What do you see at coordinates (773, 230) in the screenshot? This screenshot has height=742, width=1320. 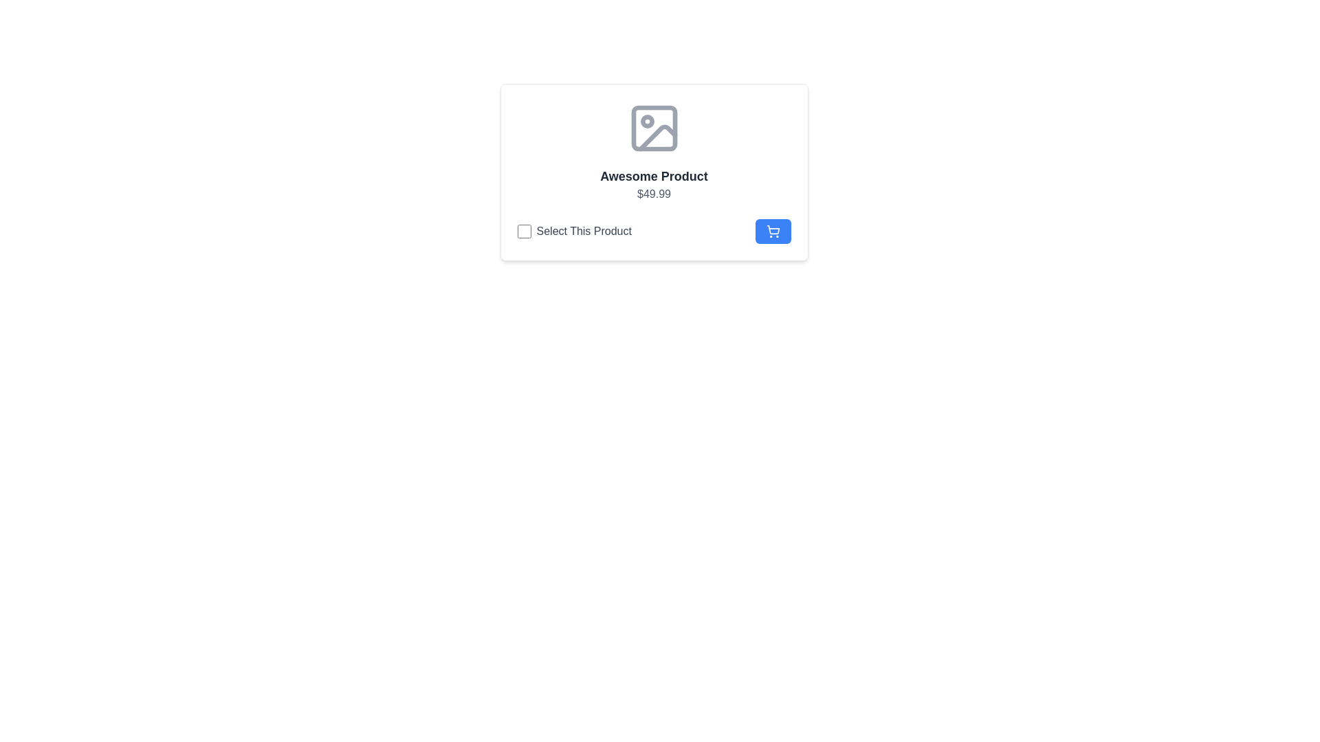 I see `the icon inside the button at the bottom-right corner of the card interface` at bounding box center [773, 230].